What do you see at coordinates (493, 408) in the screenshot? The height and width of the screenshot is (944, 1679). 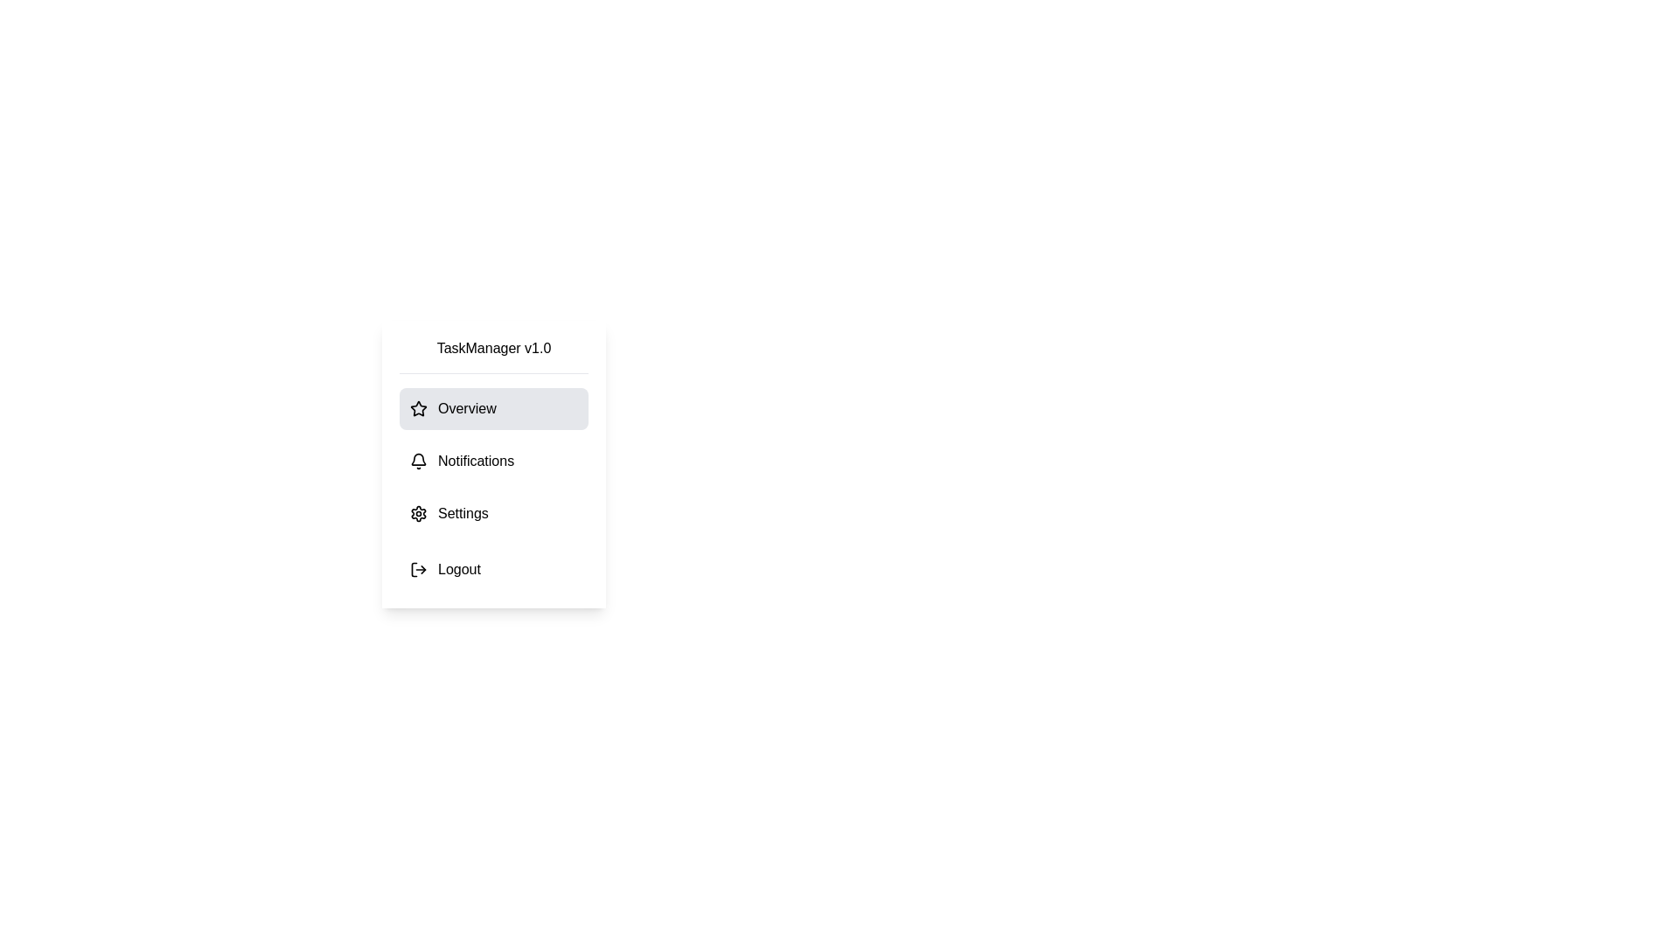 I see `the 'Overview' navigation button located in the sidebar beneath the 'TaskManager v1.0' header to trigger a visual effect` at bounding box center [493, 408].